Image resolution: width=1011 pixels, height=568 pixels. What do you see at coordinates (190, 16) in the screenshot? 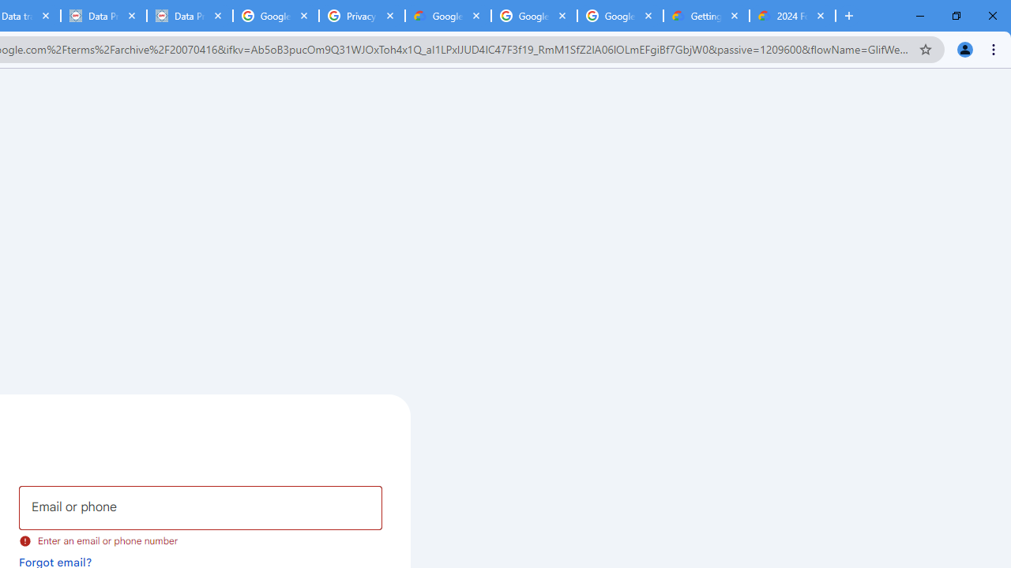
I see `'Data Privacy Framework'` at bounding box center [190, 16].